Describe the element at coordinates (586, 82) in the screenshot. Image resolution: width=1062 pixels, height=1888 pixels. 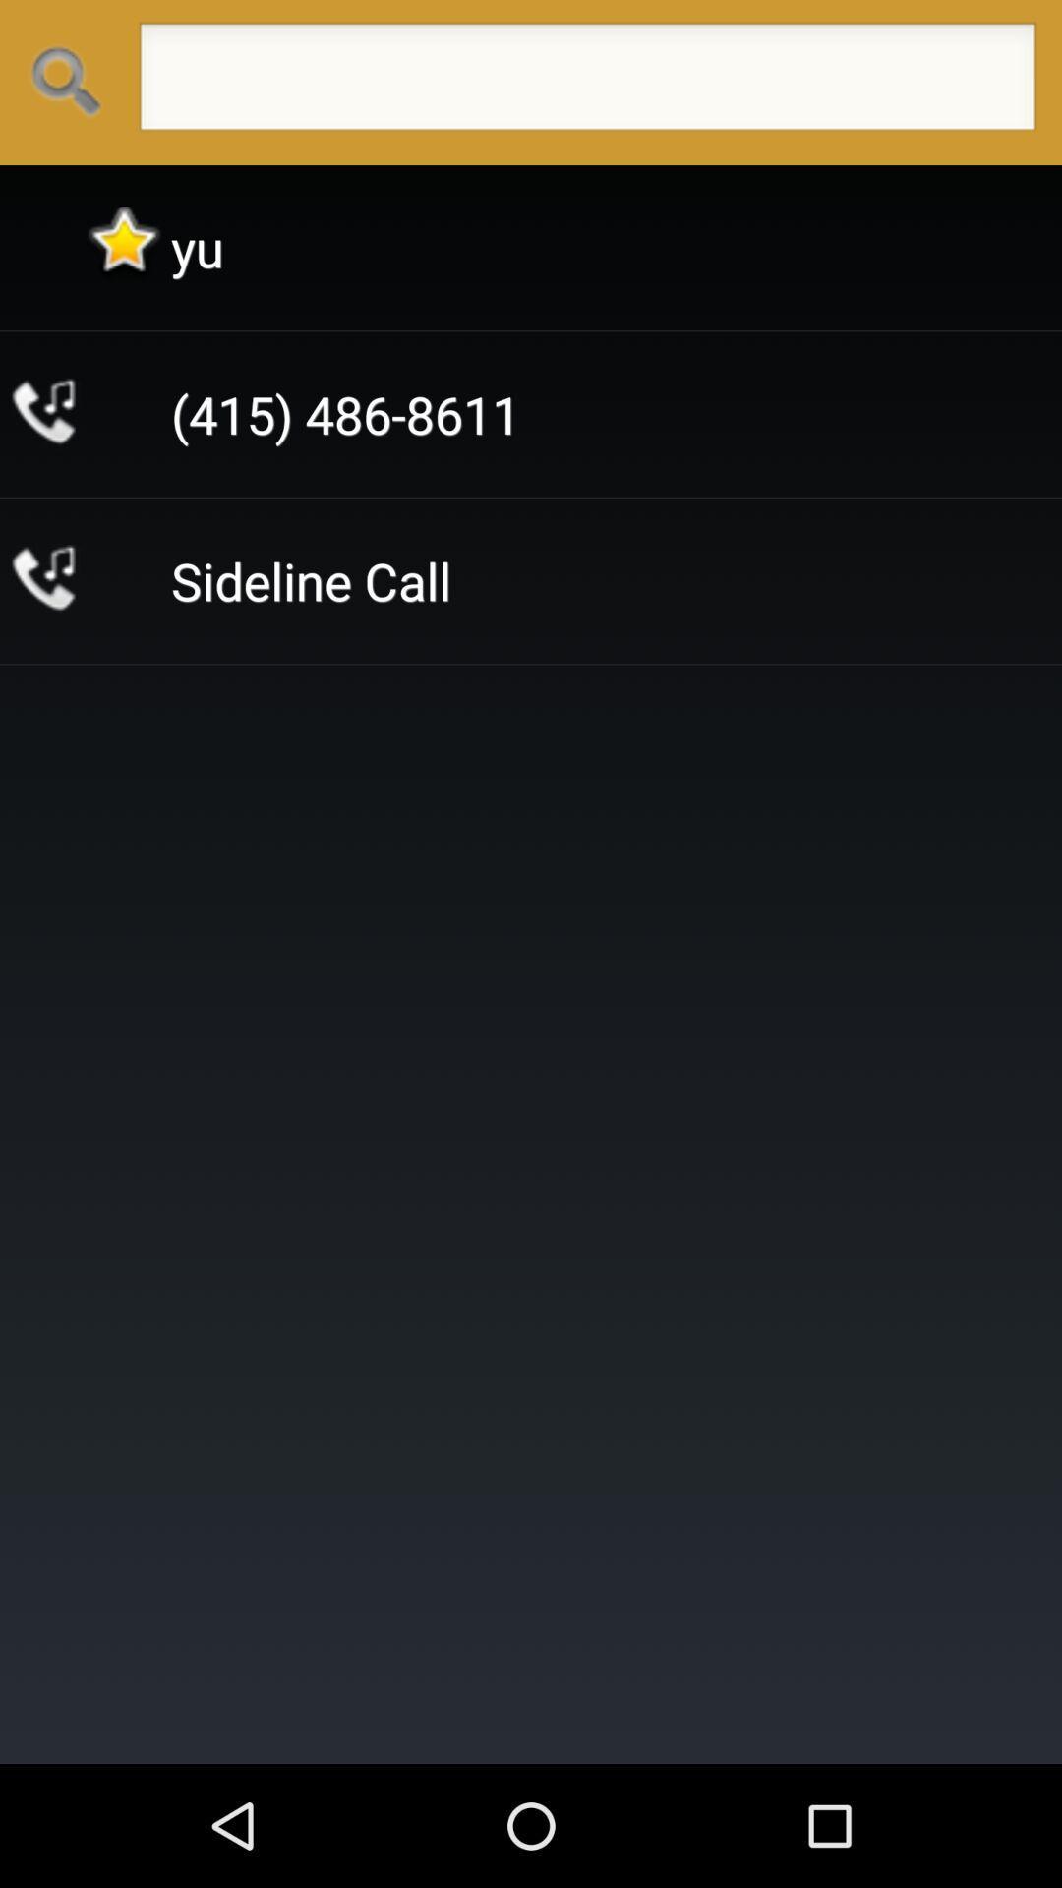
I see `looking for` at that location.